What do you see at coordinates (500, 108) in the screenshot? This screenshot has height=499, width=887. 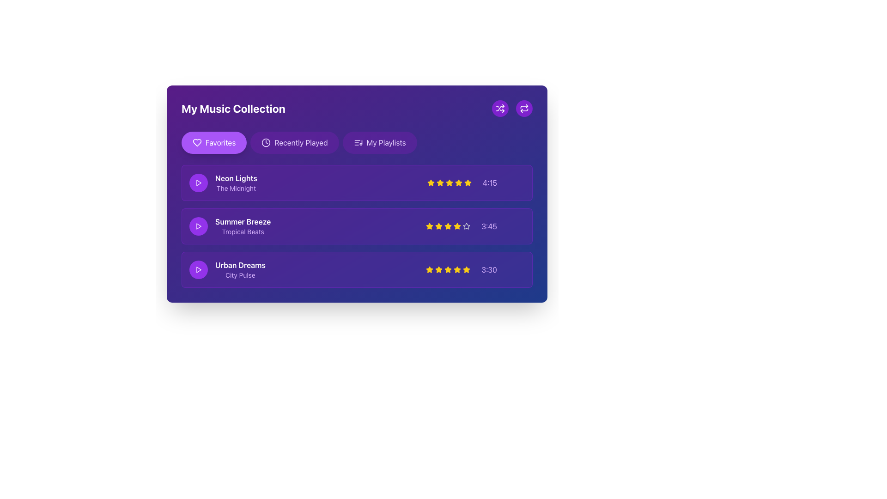 I see `the shuffle button, which is a stylized icon with a purple circular background and white interwoven arrows, located in the top-right corner of the panel` at bounding box center [500, 108].